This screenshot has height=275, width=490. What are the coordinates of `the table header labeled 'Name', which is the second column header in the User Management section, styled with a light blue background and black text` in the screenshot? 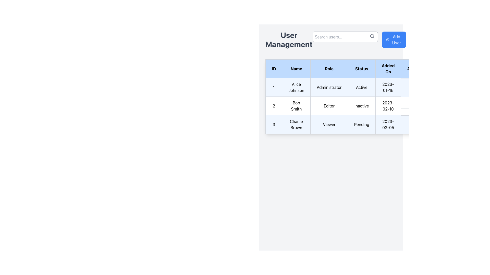 It's located at (296, 69).